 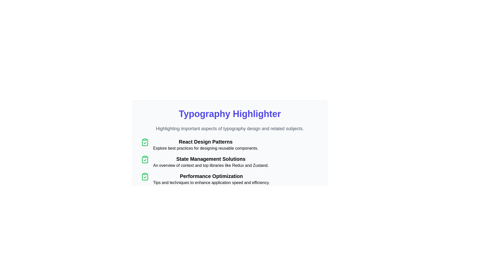 I want to click on the vibrant green clipboard icon indicating completion, located next to the 'React Design Patterns' text block, so click(x=145, y=142).